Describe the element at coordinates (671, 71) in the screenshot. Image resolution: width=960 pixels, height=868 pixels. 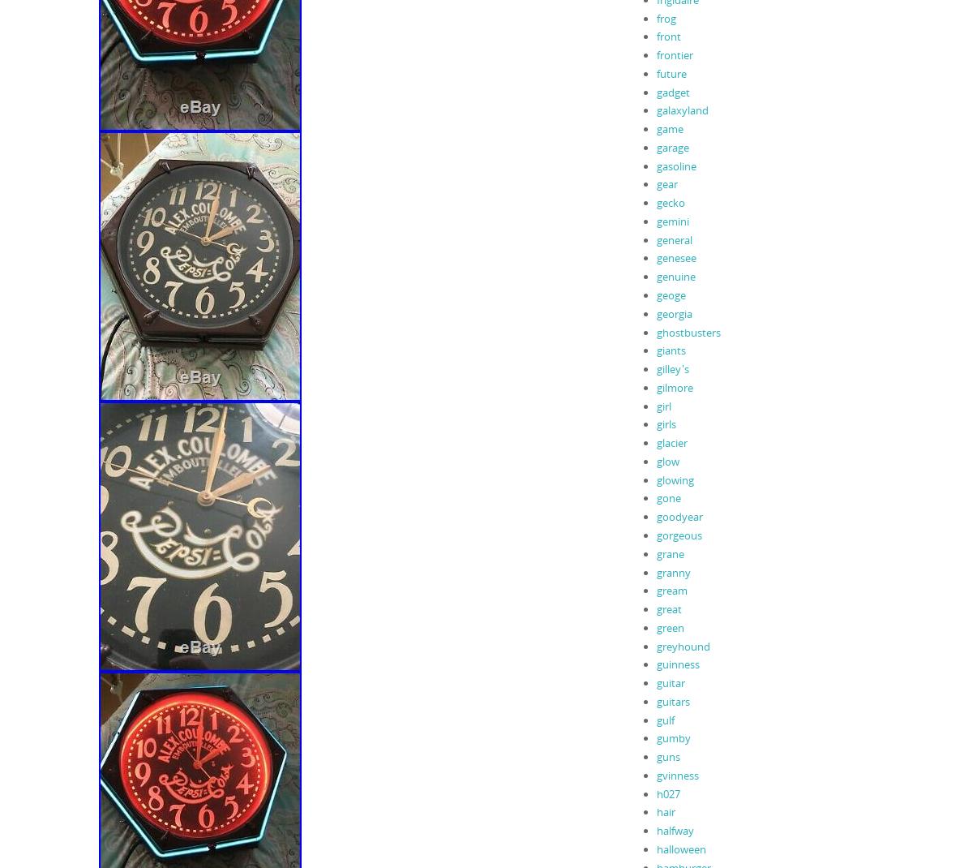
I see `'future'` at that location.